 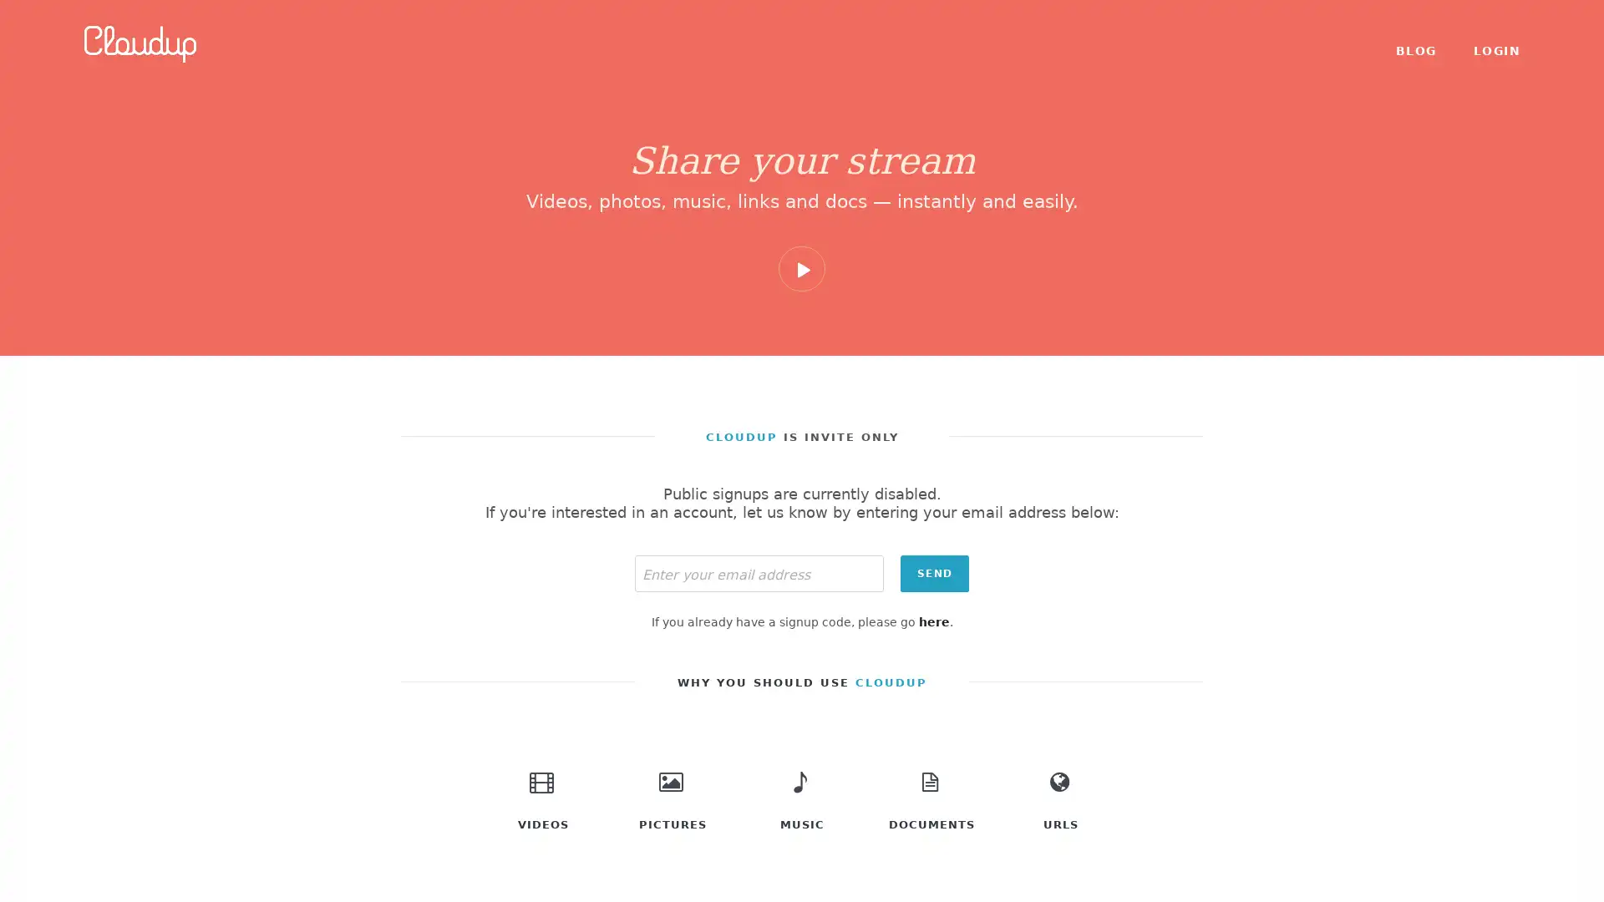 I want to click on SEND, so click(x=933, y=572).